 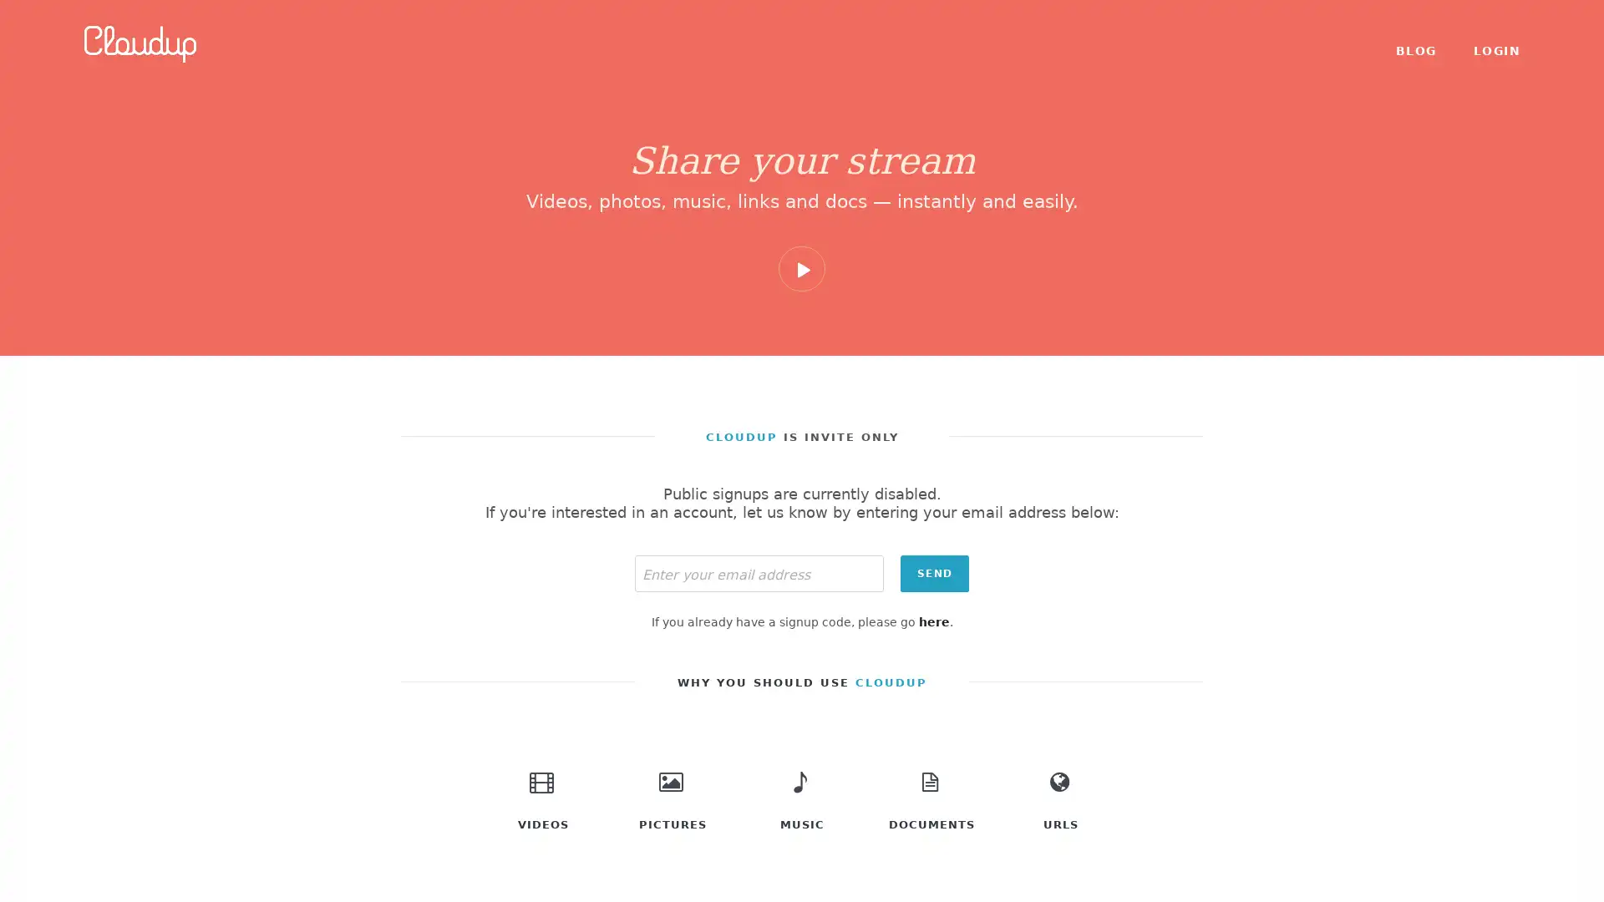 I want to click on SEND, so click(x=933, y=572).